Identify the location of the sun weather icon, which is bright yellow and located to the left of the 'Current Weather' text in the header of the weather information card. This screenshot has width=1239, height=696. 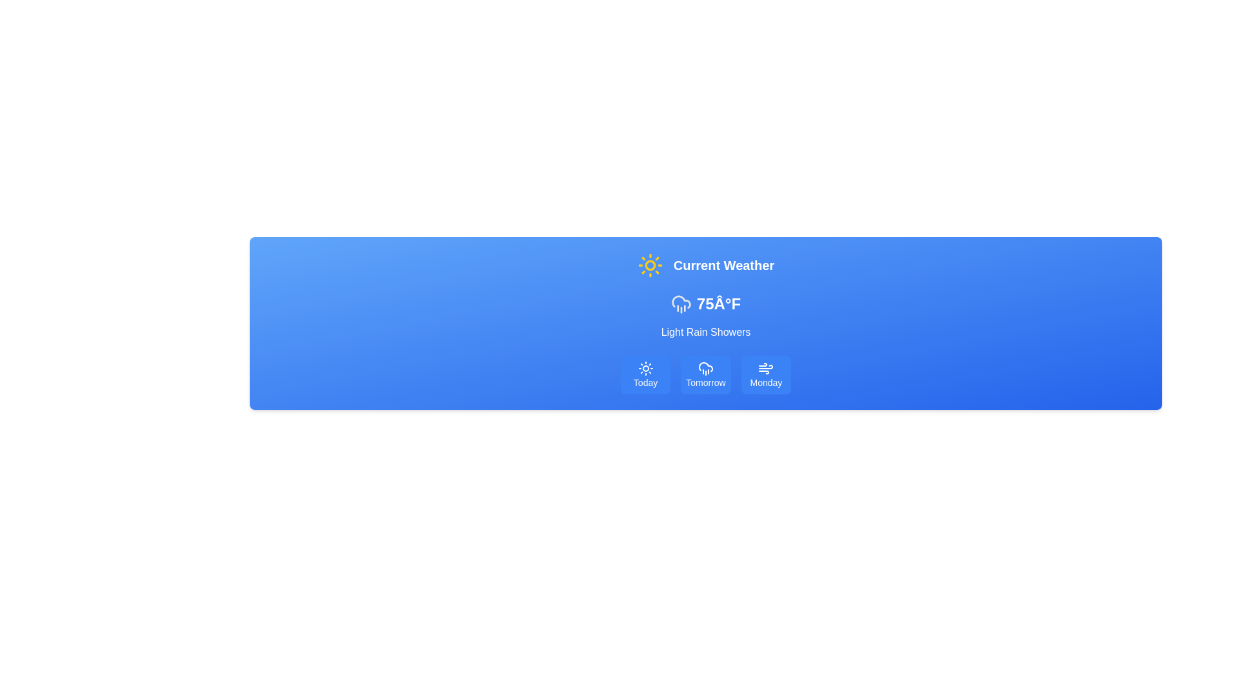
(650, 265).